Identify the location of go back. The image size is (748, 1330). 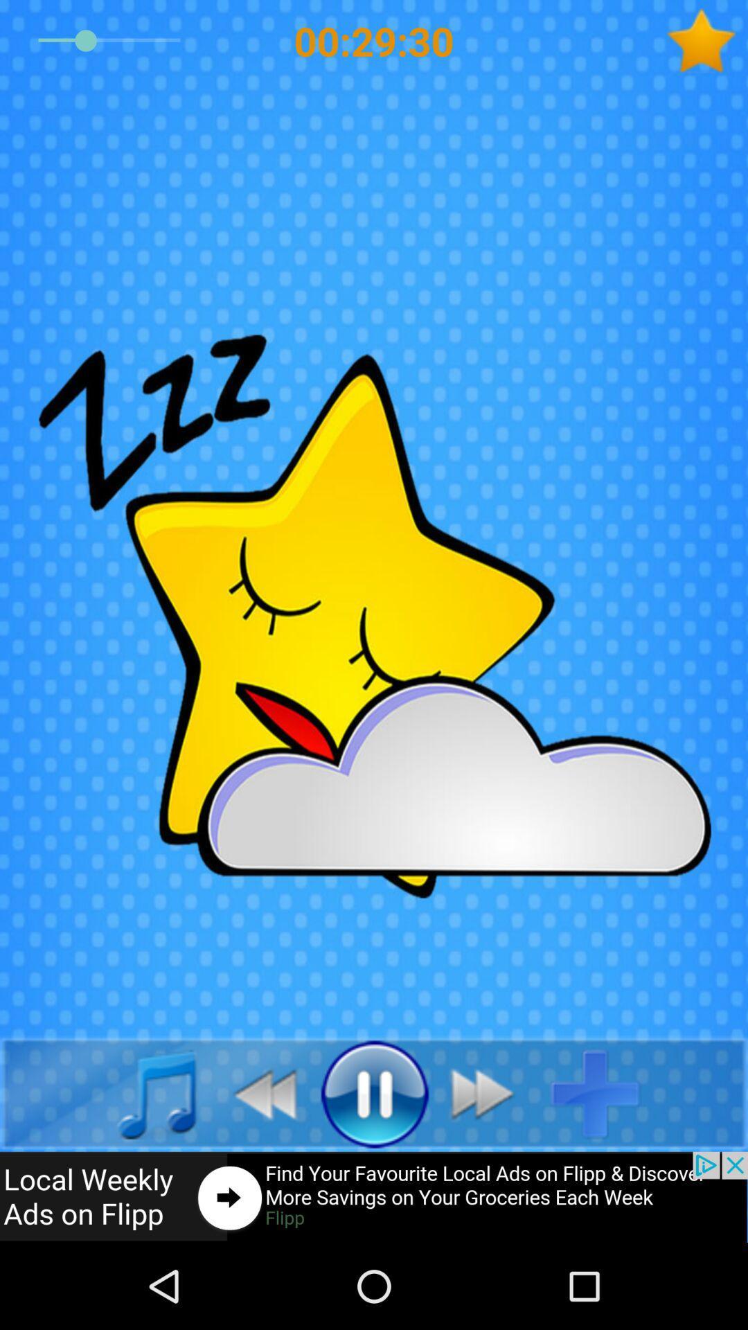
(257, 1092).